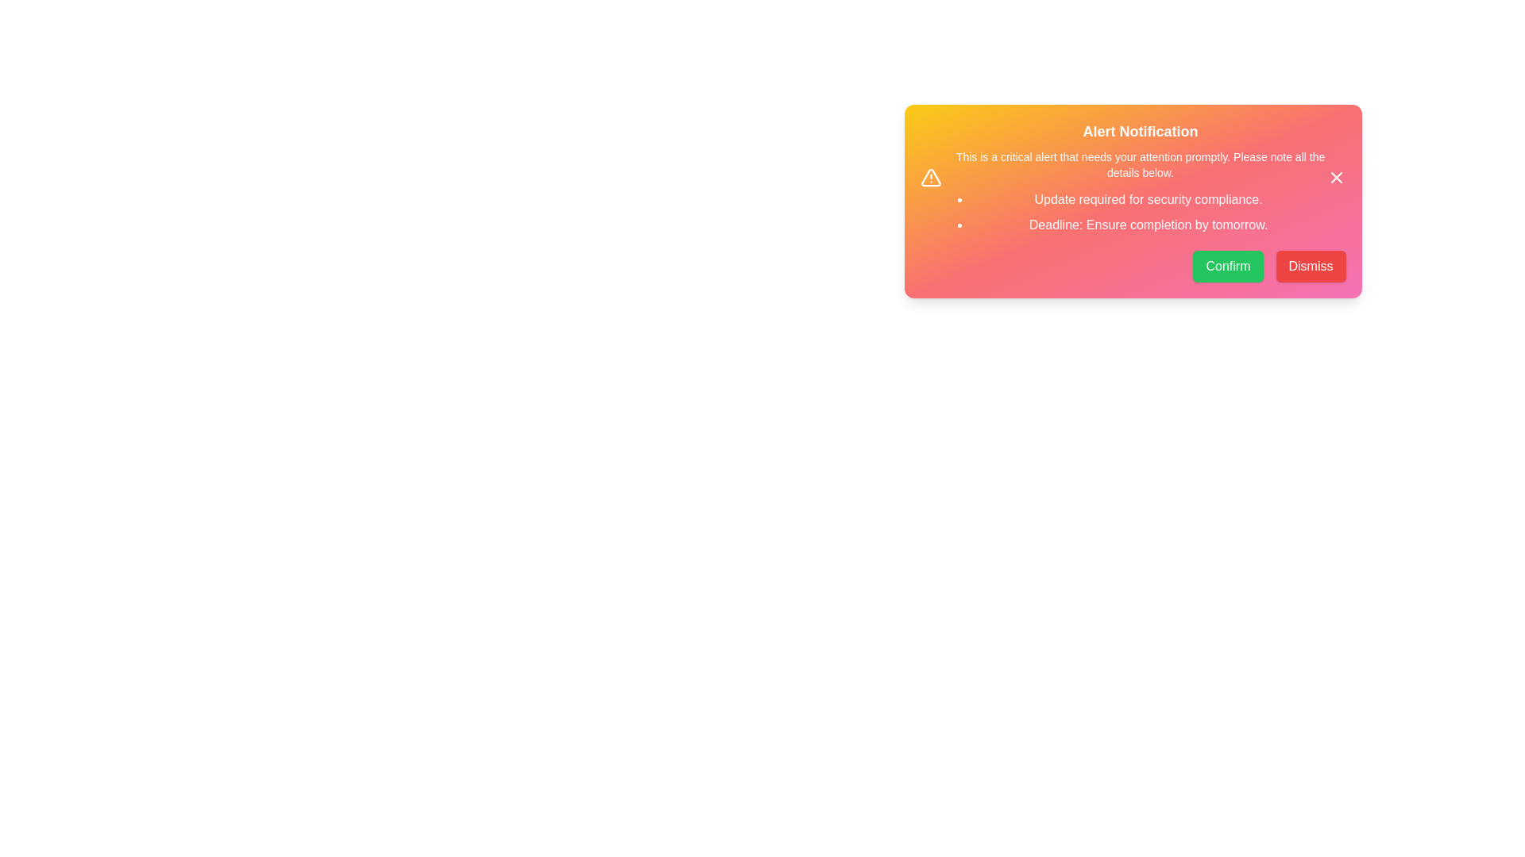  Describe the element at coordinates (1226, 265) in the screenshot. I see `'Confirm' button to acknowledge the alert` at that location.